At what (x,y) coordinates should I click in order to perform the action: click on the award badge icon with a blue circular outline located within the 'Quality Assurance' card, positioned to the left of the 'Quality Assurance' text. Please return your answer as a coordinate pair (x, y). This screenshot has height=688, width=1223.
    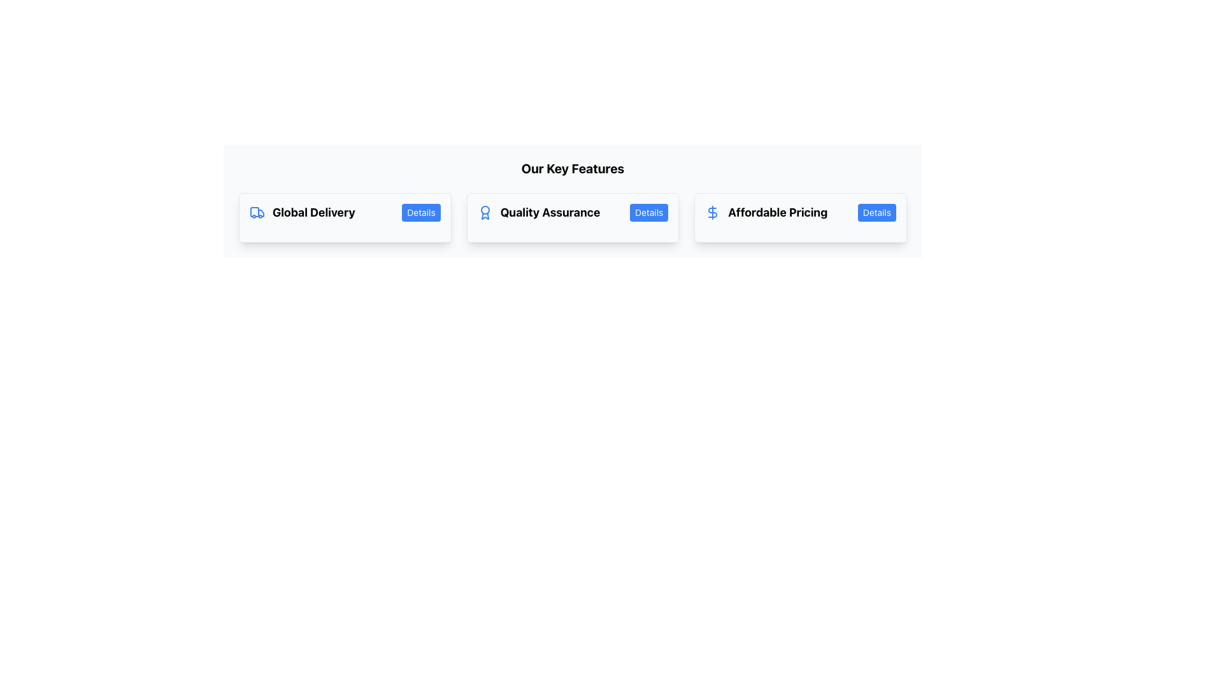
    Looking at the image, I should click on (484, 212).